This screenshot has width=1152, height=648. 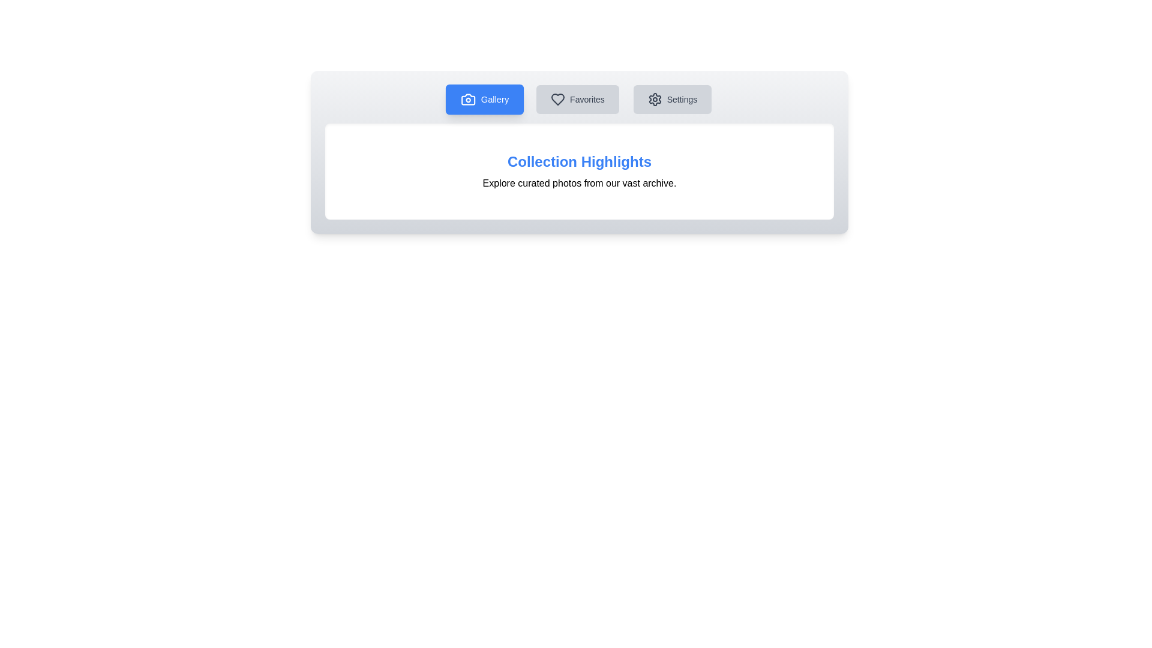 What do you see at coordinates (577, 98) in the screenshot?
I see `the Favorites tab` at bounding box center [577, 98].